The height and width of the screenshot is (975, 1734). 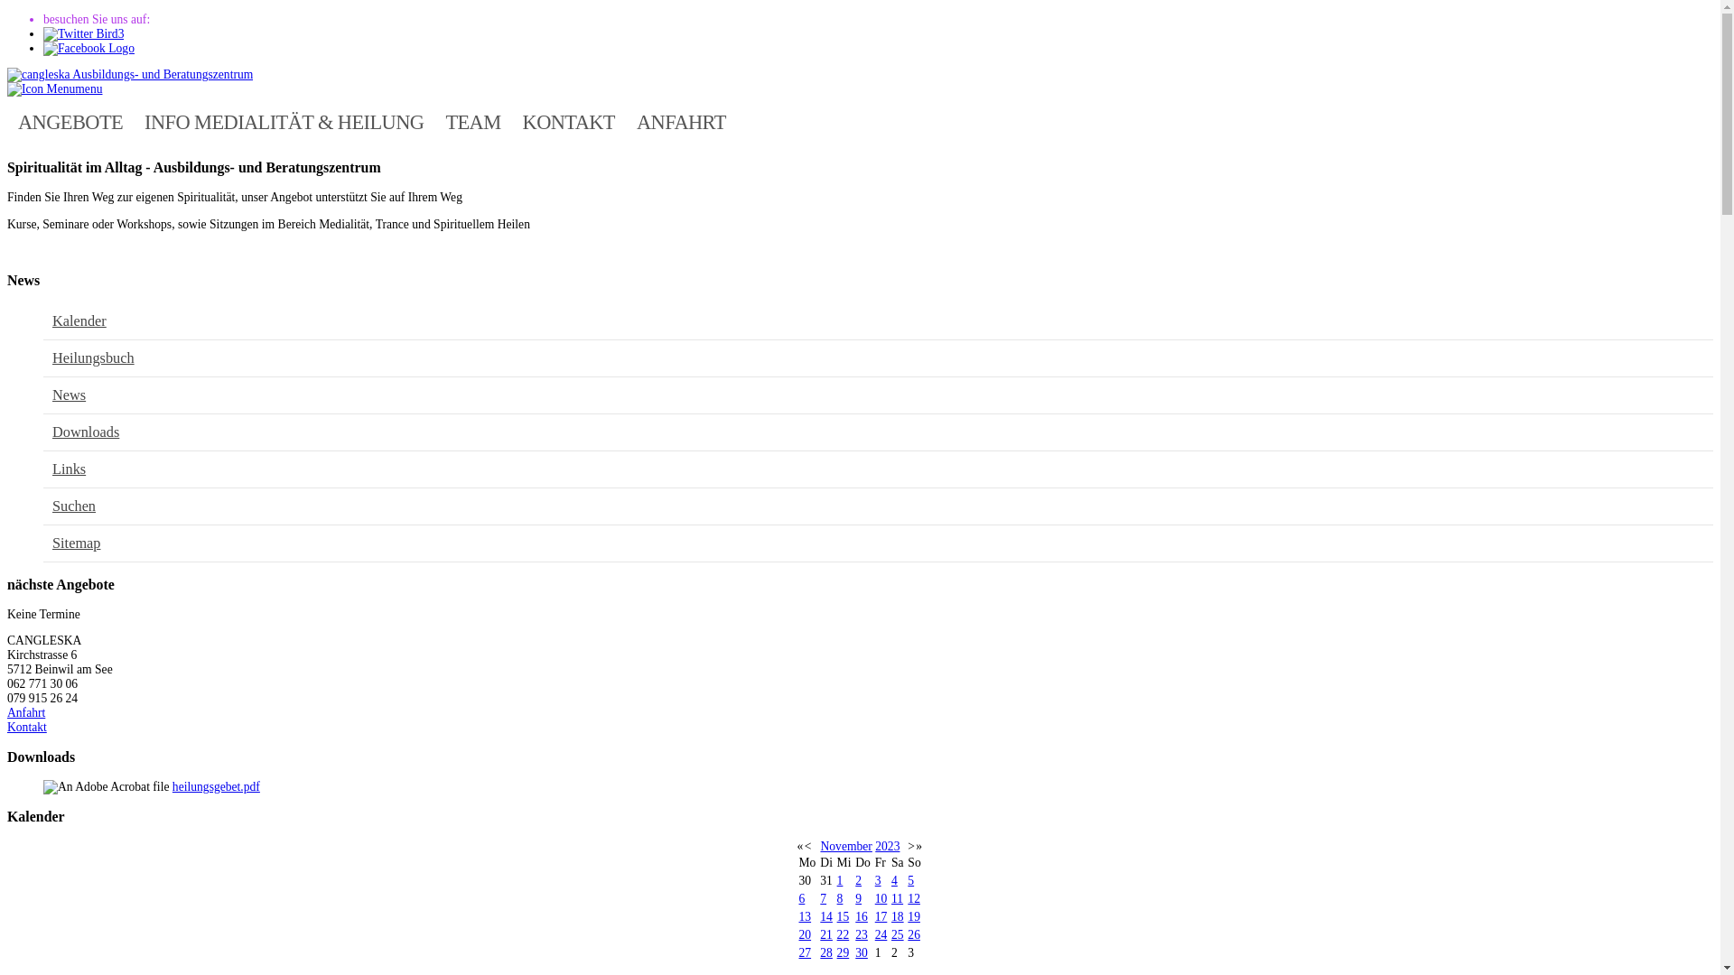 What do you see at coordinates (78, 320) in the screenshot?
I see `'Kalender'` at bounding box center [78, 320].